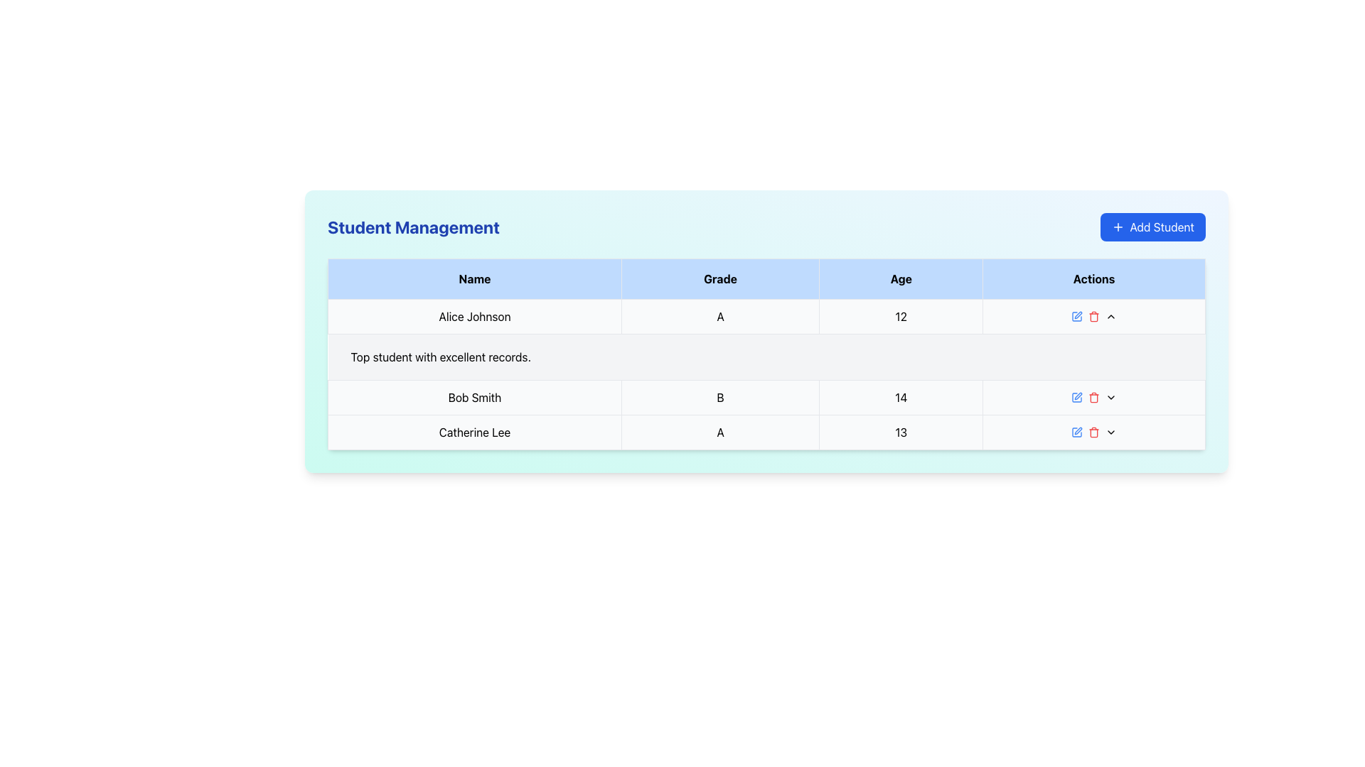 Image resolution: width=1365 pixels, height=767 pixels. Describe the element at coordinates (720, 279) in the screenshot. I see `the 'Grade' column header in the table, which is the second column in the header row, located between the 'Name' and 'Age' columns` at that location.